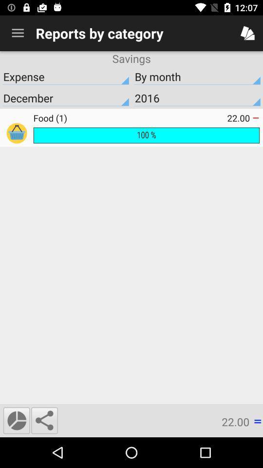 The image size is (263, 468). Describe the element at coordinates (16, 420) in the screenshot. I see `see pie chart` at that location.